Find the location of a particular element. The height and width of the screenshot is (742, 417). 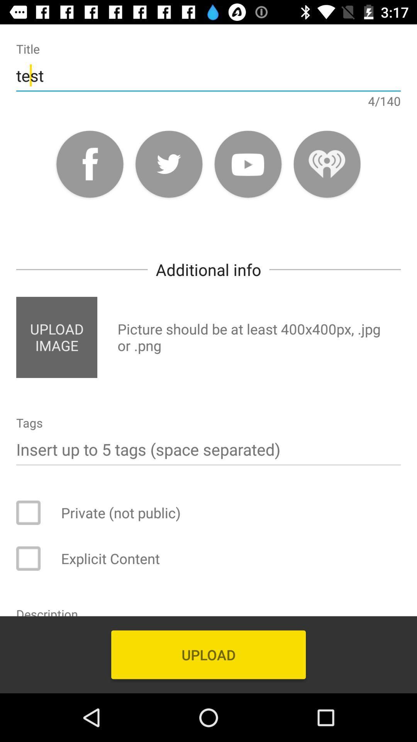

facebook link is located at coordinates (89, 163).